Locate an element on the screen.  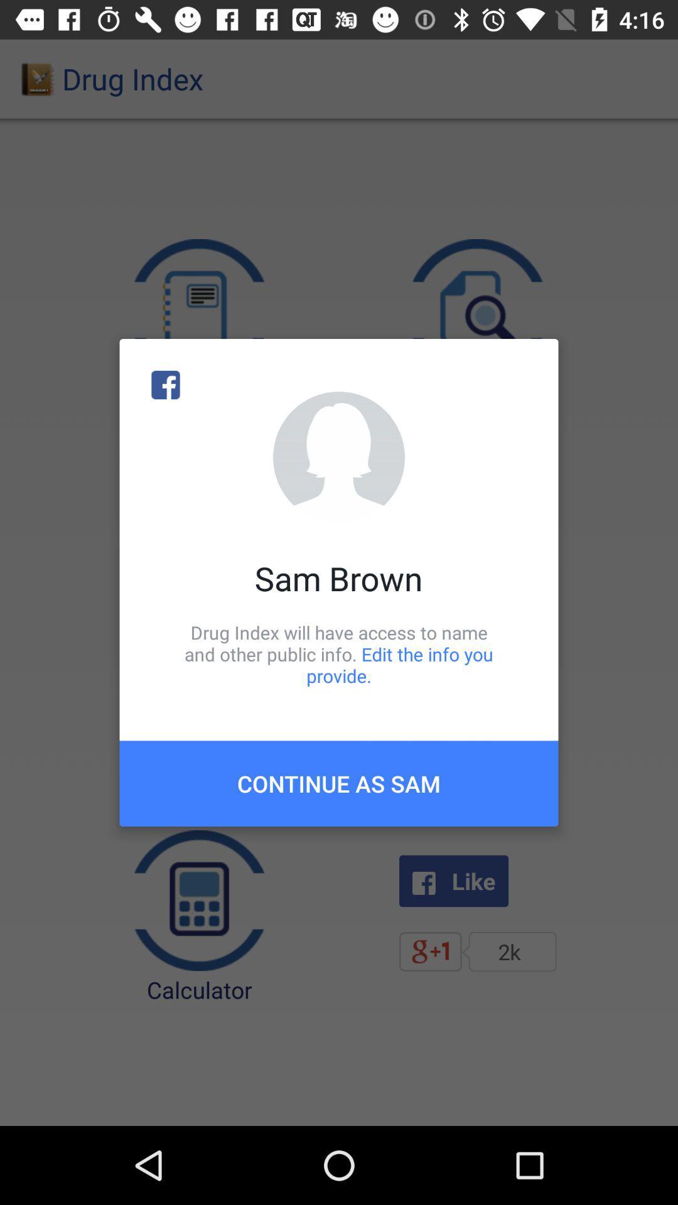
the continue as sam is located at coordinates (339, 783).